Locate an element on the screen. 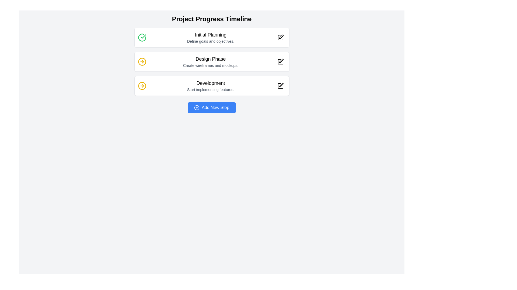 Image resolution: width=517 pixels, height=290 pixels. the circular graphical component with a yellow stroke, part of the progress icon located to the left of the text 'Development' is located at coordinates (142, 61).